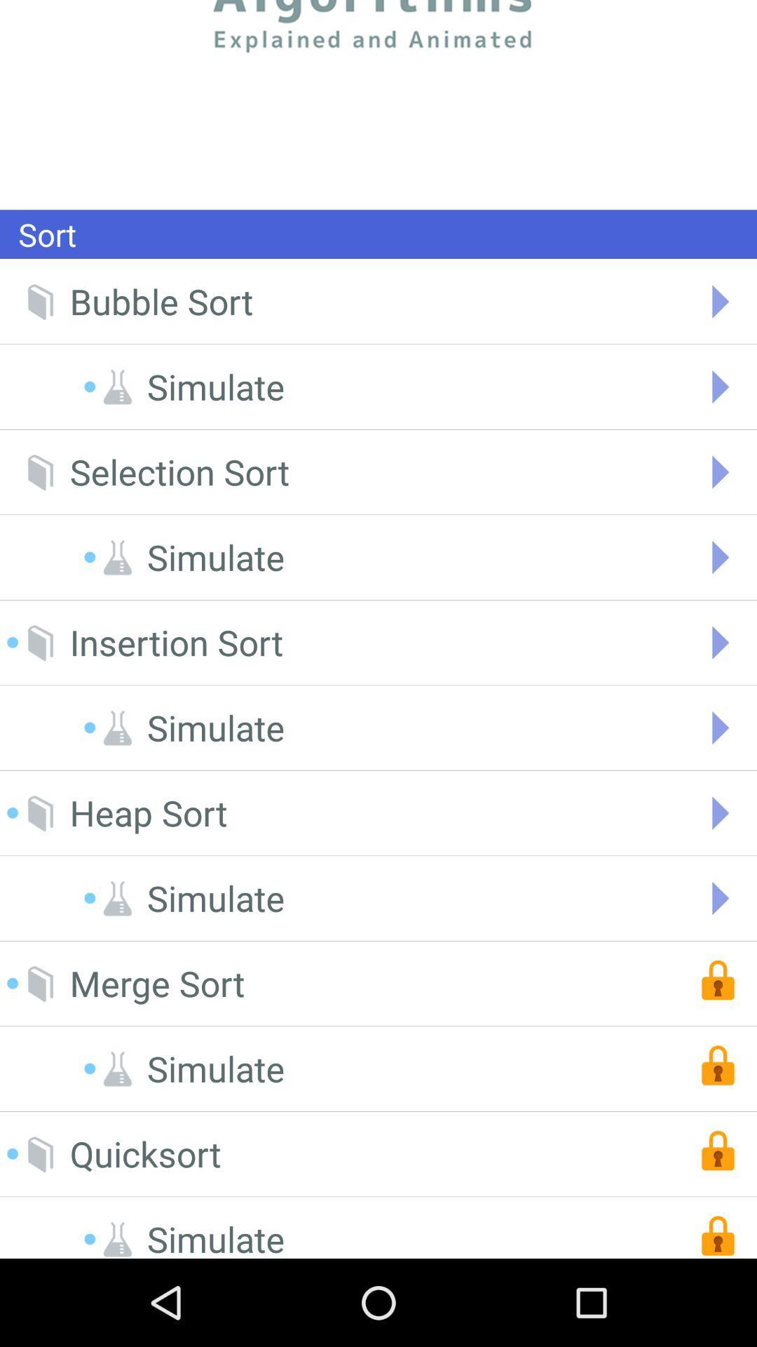  What do you see at coordinates (145, 1154) in the screenshot?
I see `item below simulate` at bounding box center [145, 1154].